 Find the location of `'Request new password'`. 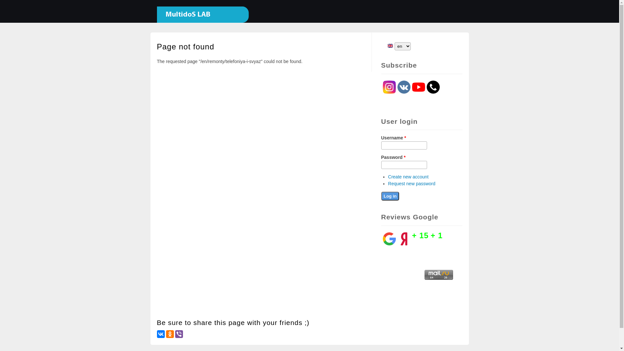

'Request new password' is located at coordinates (411, 183).